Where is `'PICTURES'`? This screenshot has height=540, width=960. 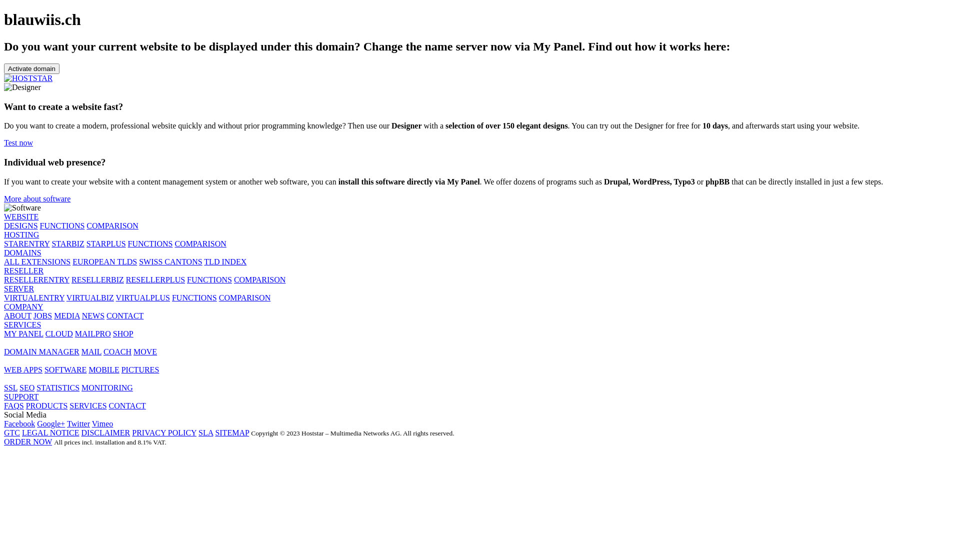
'PICTURES' is located at coordinates (140, 369).